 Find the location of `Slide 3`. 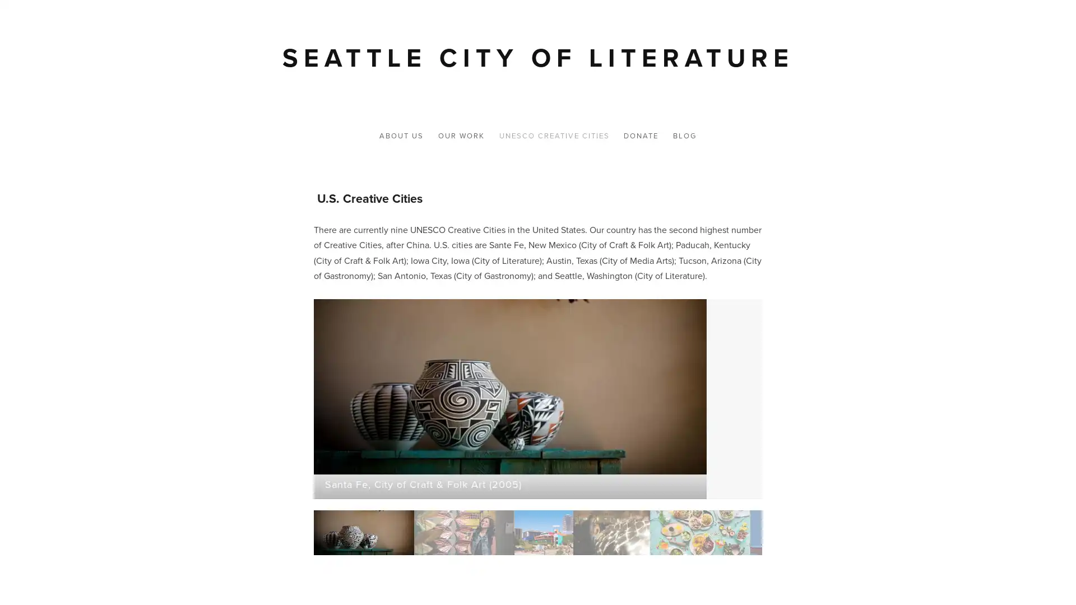

Slide 3 is located at coordinates (470, 532).